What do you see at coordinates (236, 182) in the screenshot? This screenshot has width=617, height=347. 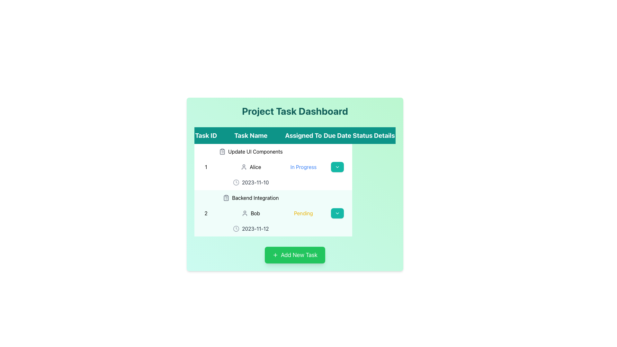 I see `the circular clock icon, which is outlined and located to the left of the '2023-11-10' text in the task details table associated with 'Update UI Components'` at bounding box center [236, 182].